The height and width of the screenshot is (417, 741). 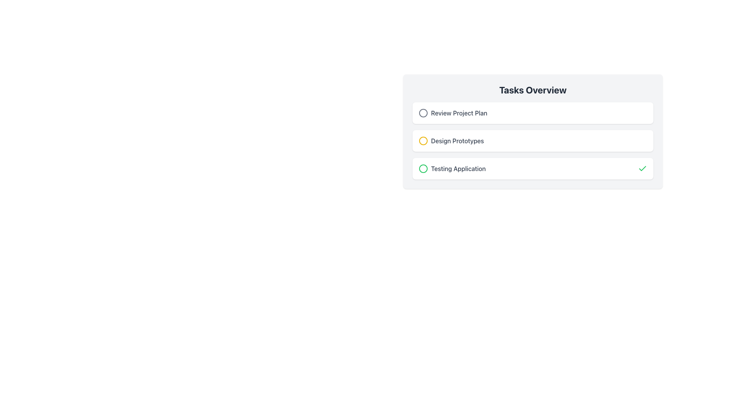 What do you see at coordinates (533, 141) in the screenshot?
I see `the second item in the task list group located in the 'Tasks Overview' card, which is positioned between 'Review Project Plan' and 'Testing Application.'` at bounding box center [533, 141].